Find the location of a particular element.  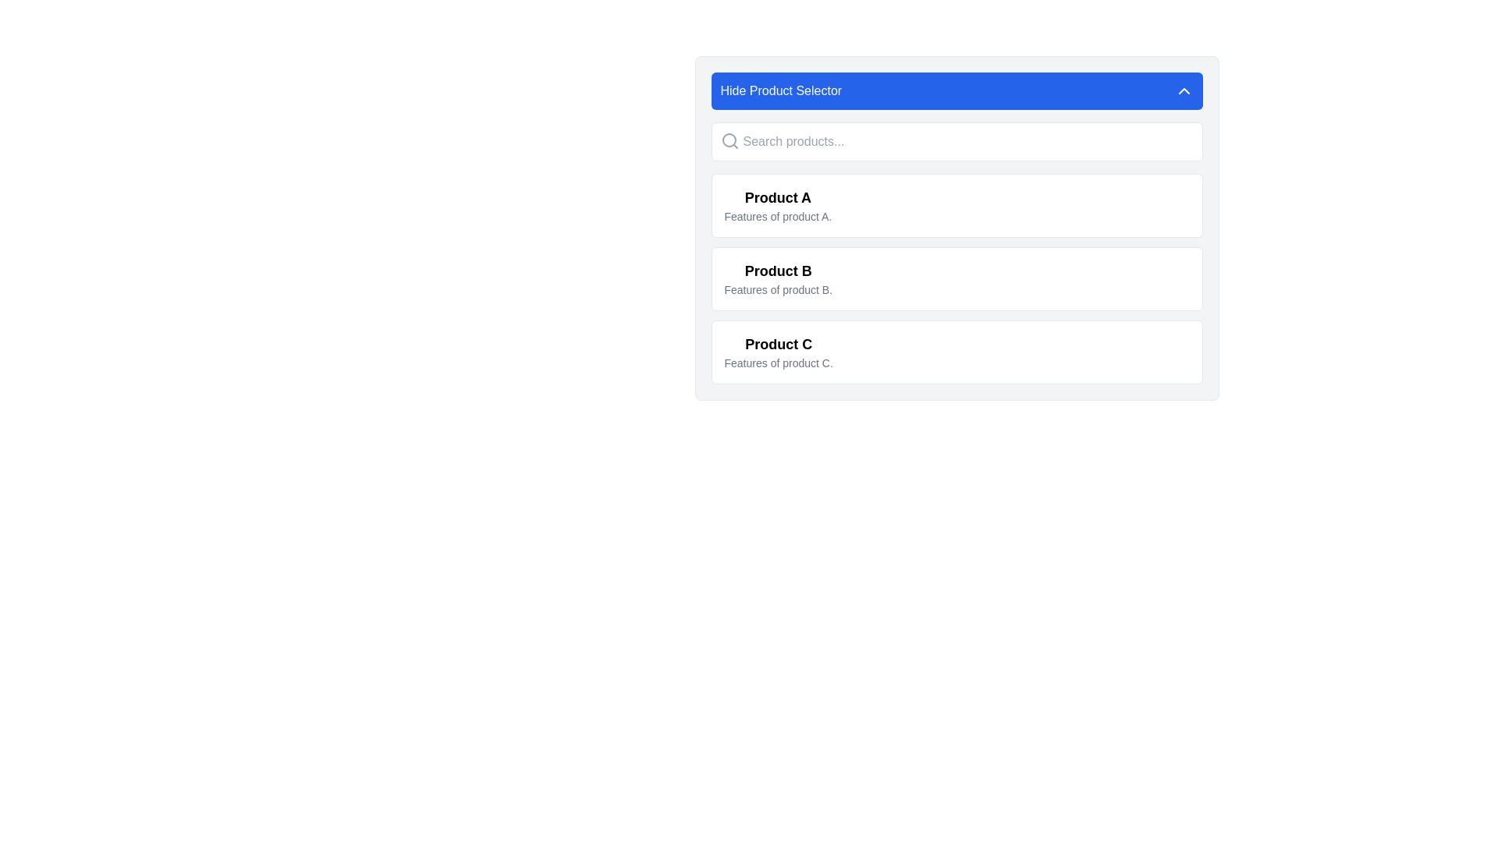

the selectable list item labeled 'Product B' is located at coordinates (956, 278).